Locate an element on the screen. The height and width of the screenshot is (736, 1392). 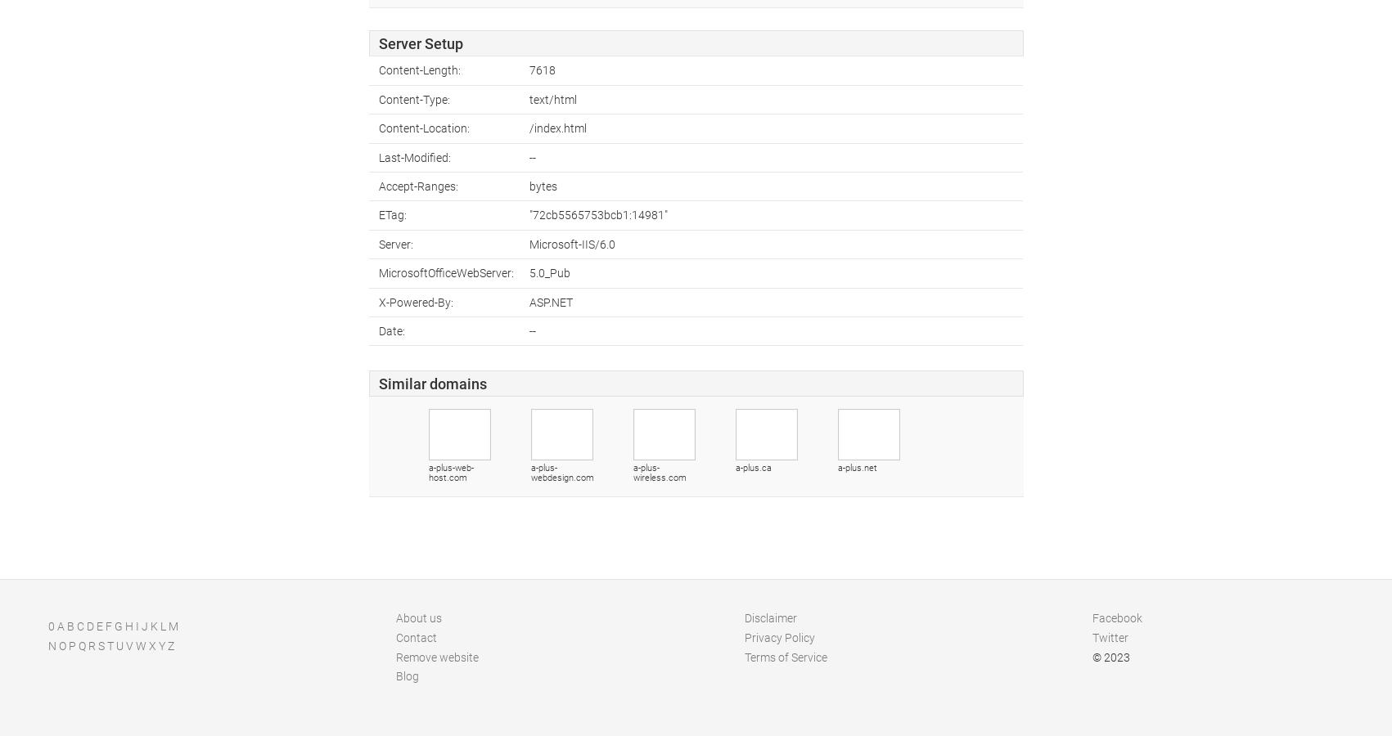
'Content-Type:' is located at coordinates (414, 98).